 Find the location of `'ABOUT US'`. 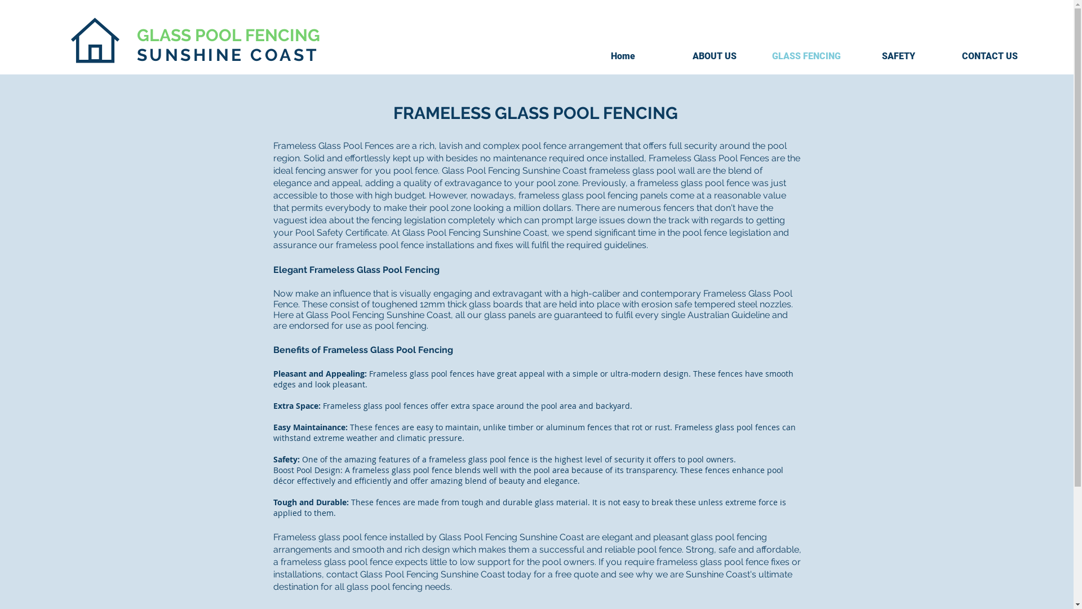

'ABOUT US' is located at coordinates (713, 56).